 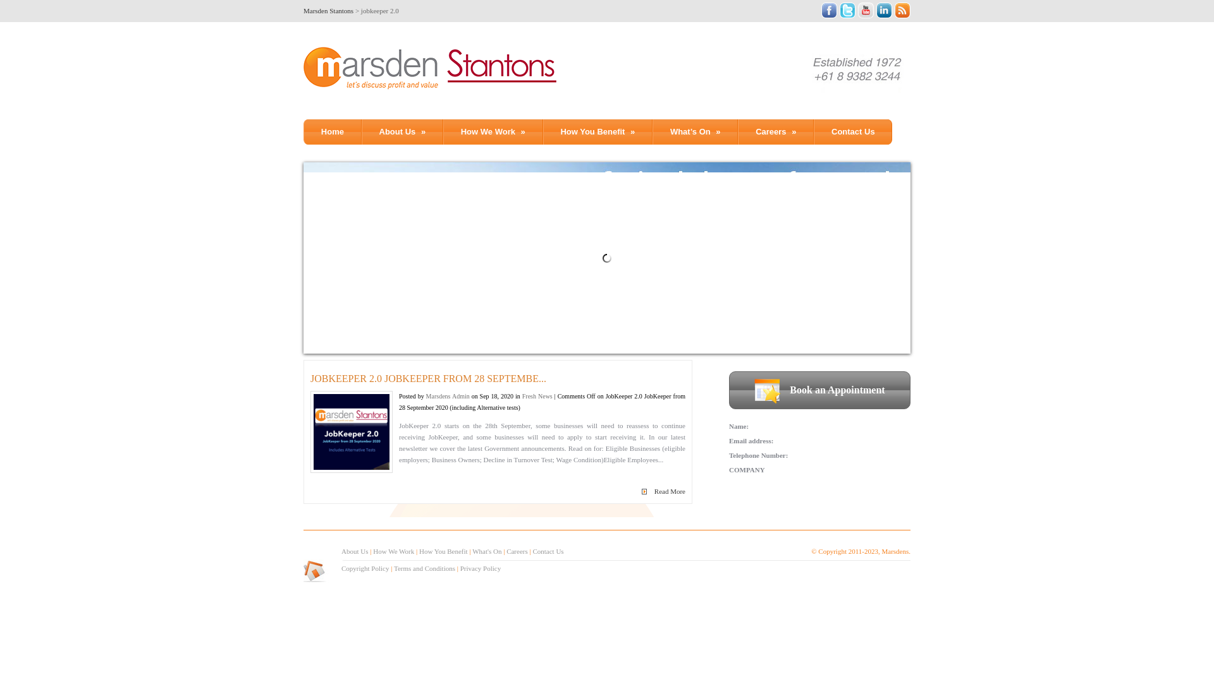 What do you see at coordinates (393, 567) in the screenshot?
I see `'Terms and Conditions'` at bounding box center [393, 567].